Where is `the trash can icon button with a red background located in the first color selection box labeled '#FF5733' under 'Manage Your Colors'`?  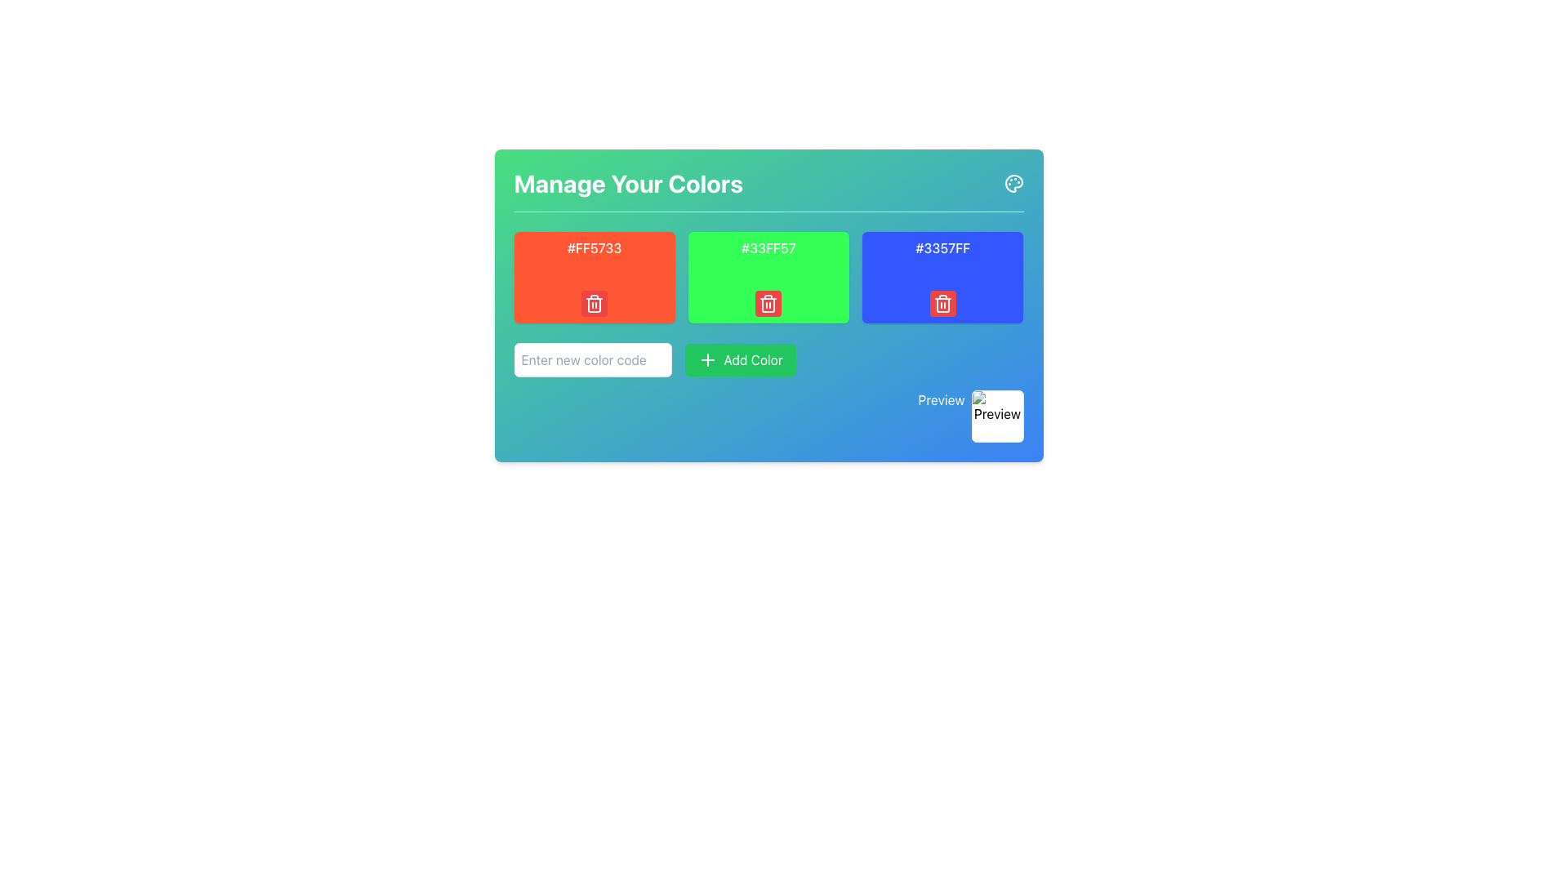 the trash can icon button with a red background located in the first color selection box labeled '#FF5733' under 'Manage Your Colors' is located at coordinates (594, 303).